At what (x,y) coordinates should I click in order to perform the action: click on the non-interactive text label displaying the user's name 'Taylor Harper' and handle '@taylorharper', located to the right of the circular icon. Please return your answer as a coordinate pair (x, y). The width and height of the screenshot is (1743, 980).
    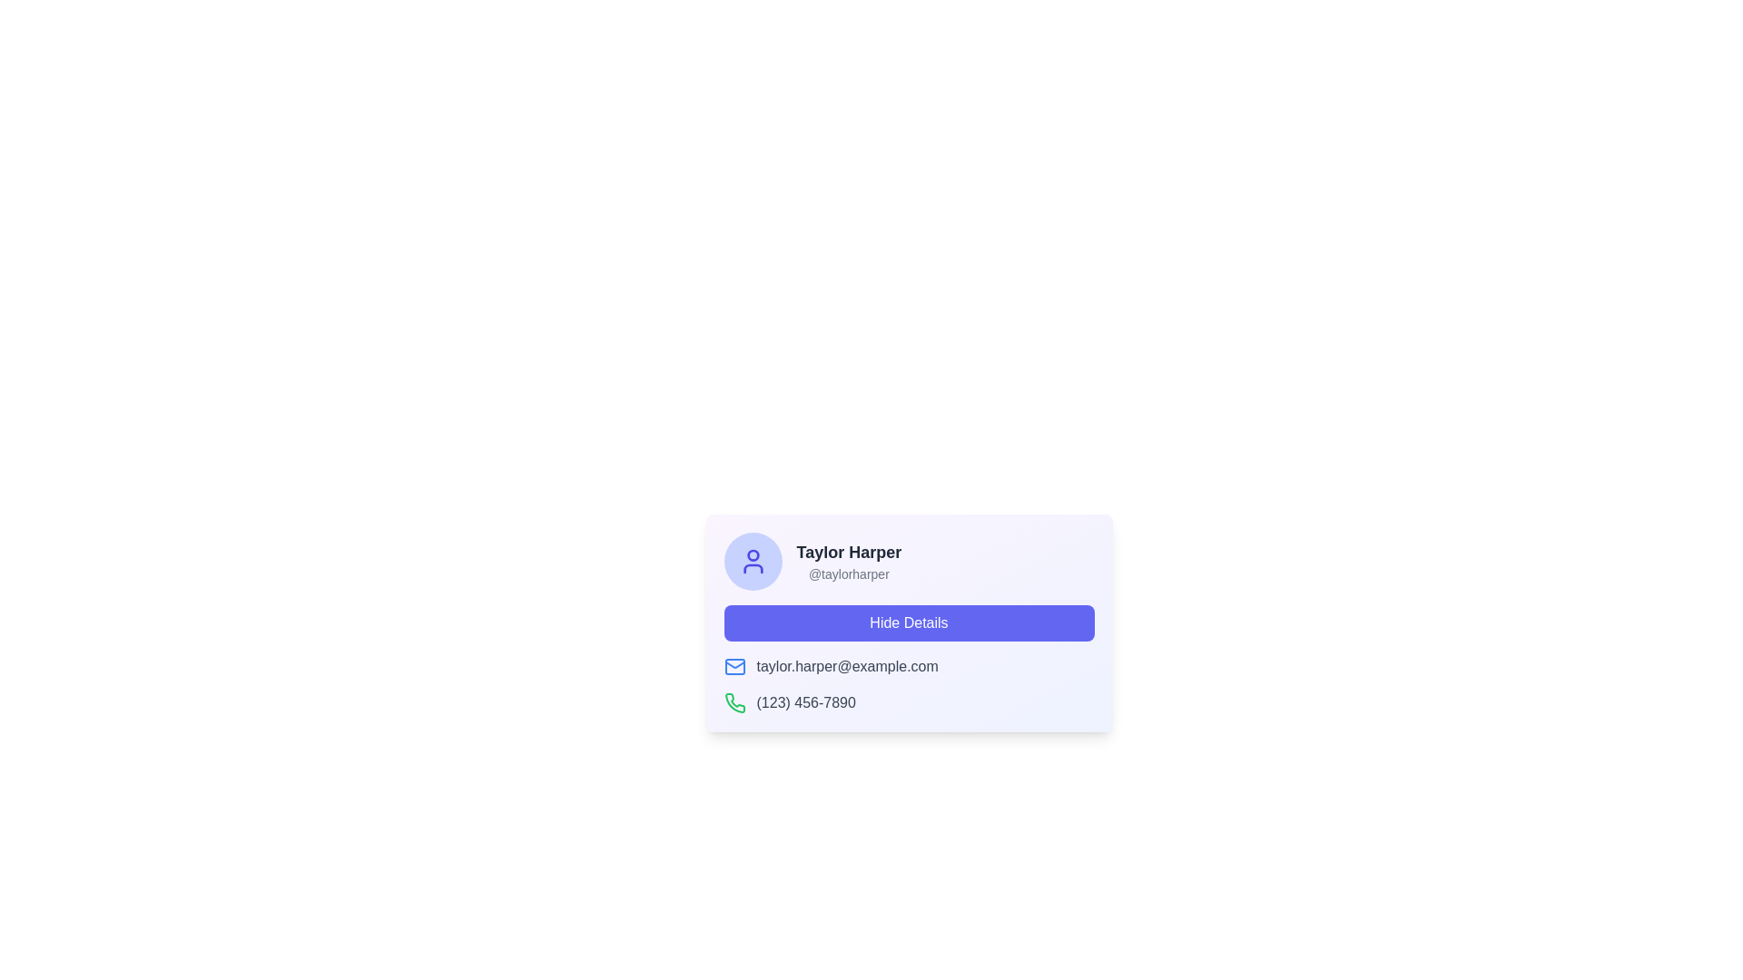
    Looking at the image, I should click on (848, 560).